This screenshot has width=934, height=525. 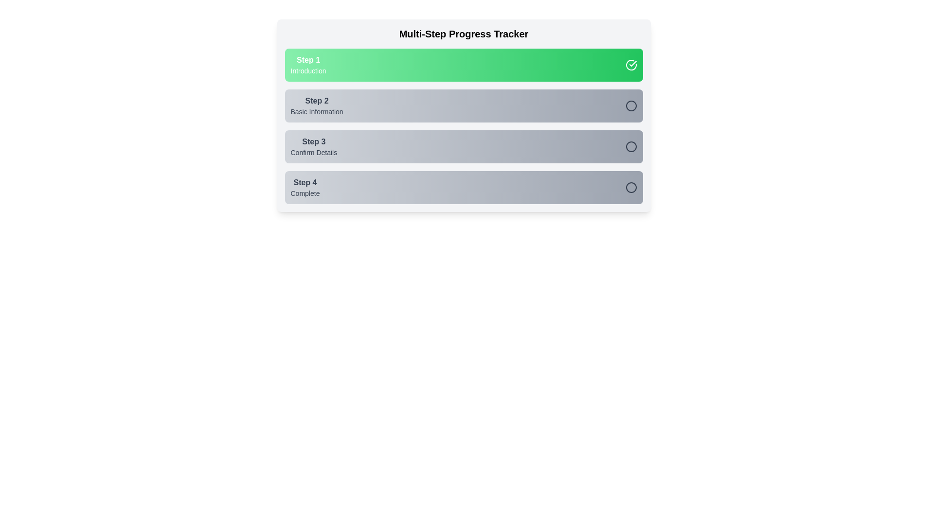 What do you see at coordinates (317, 106) in the screenshot?
I see `the Text-based informational indicator for the second step titled 'Basic Information', which is located below 'Step 1 Introduction' and above 'Step 3 Confirm Details' in the multi-step progress tracker` at bounding box center [317, 106].